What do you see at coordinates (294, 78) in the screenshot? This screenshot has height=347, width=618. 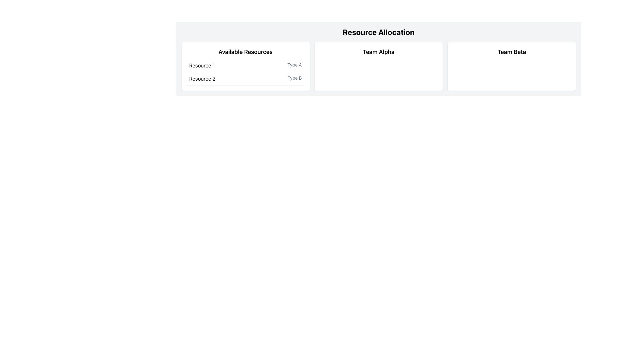 I see `the Text label indicating 'Type B' for 'Resource 2', which is the second item in the 'Type' column under 'Available Resources'` at bounding box center [294, 78].